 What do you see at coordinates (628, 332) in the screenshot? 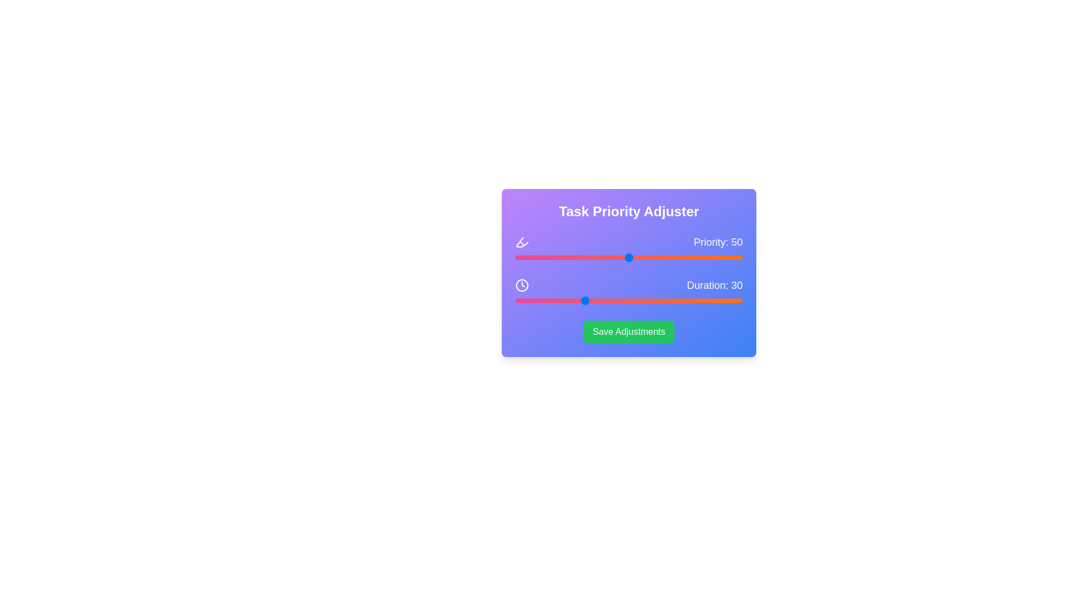
I see `'Save Adjustments' button` at bounding box center [628, 332].